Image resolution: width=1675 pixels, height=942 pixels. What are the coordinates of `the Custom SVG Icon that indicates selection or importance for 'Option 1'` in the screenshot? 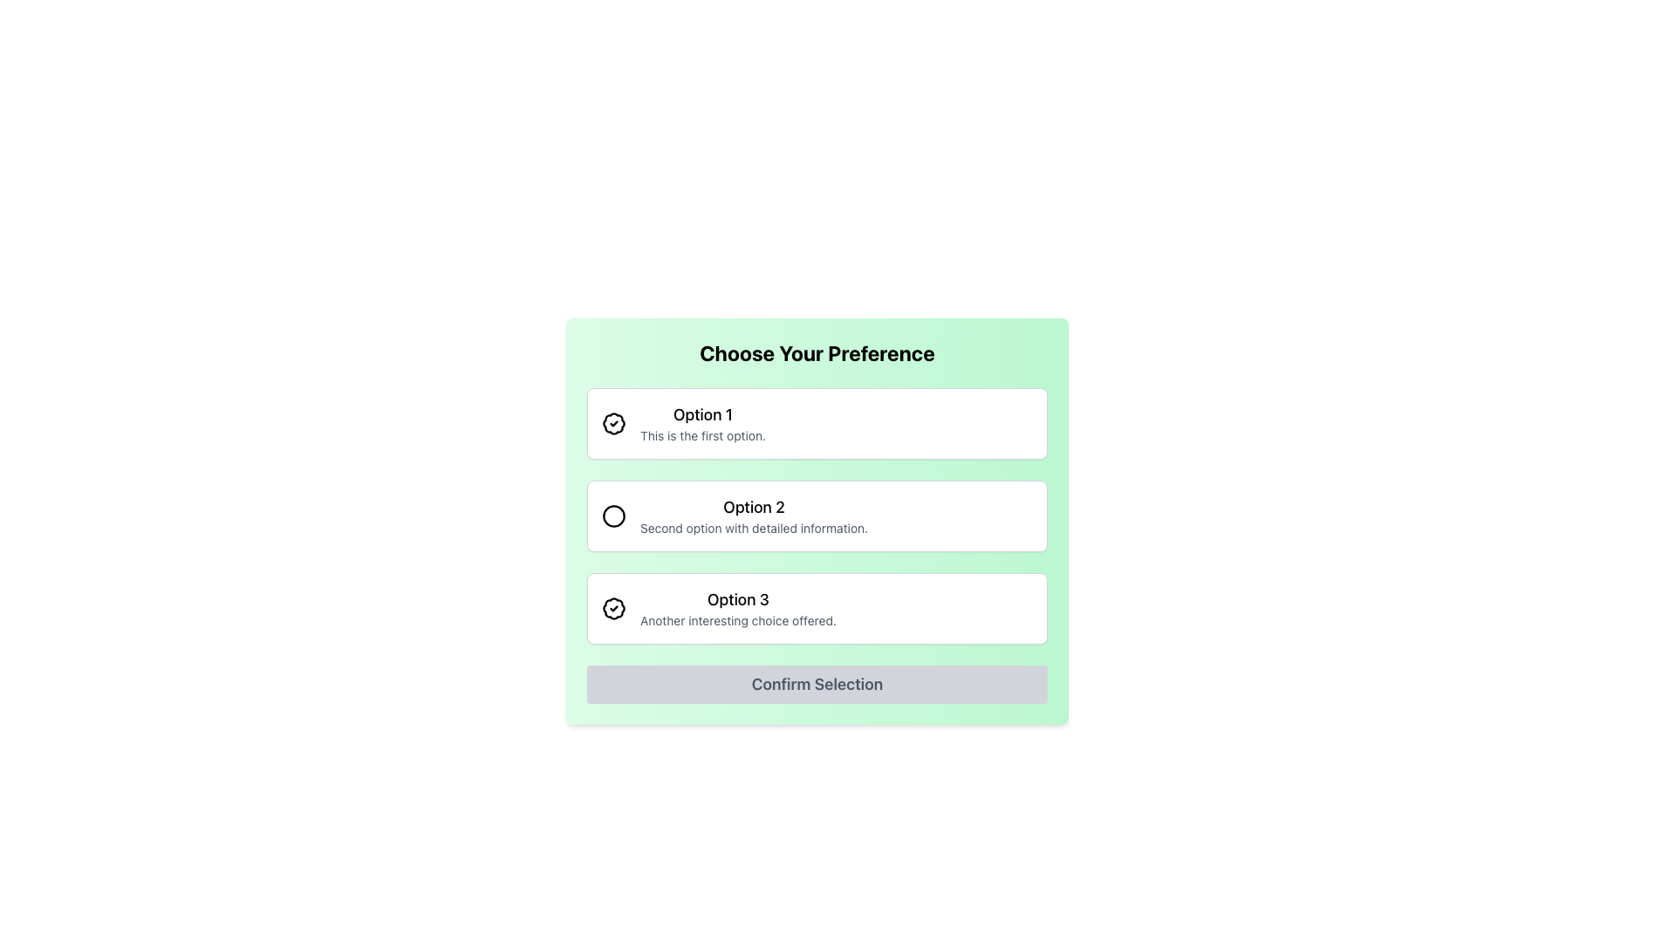 It's located at (614, 424).